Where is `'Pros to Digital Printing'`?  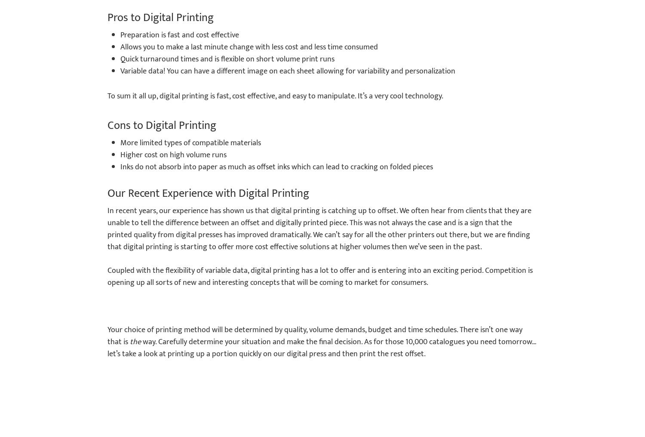 'Pros to Digital Printing' is located at coordinates (160, 17).